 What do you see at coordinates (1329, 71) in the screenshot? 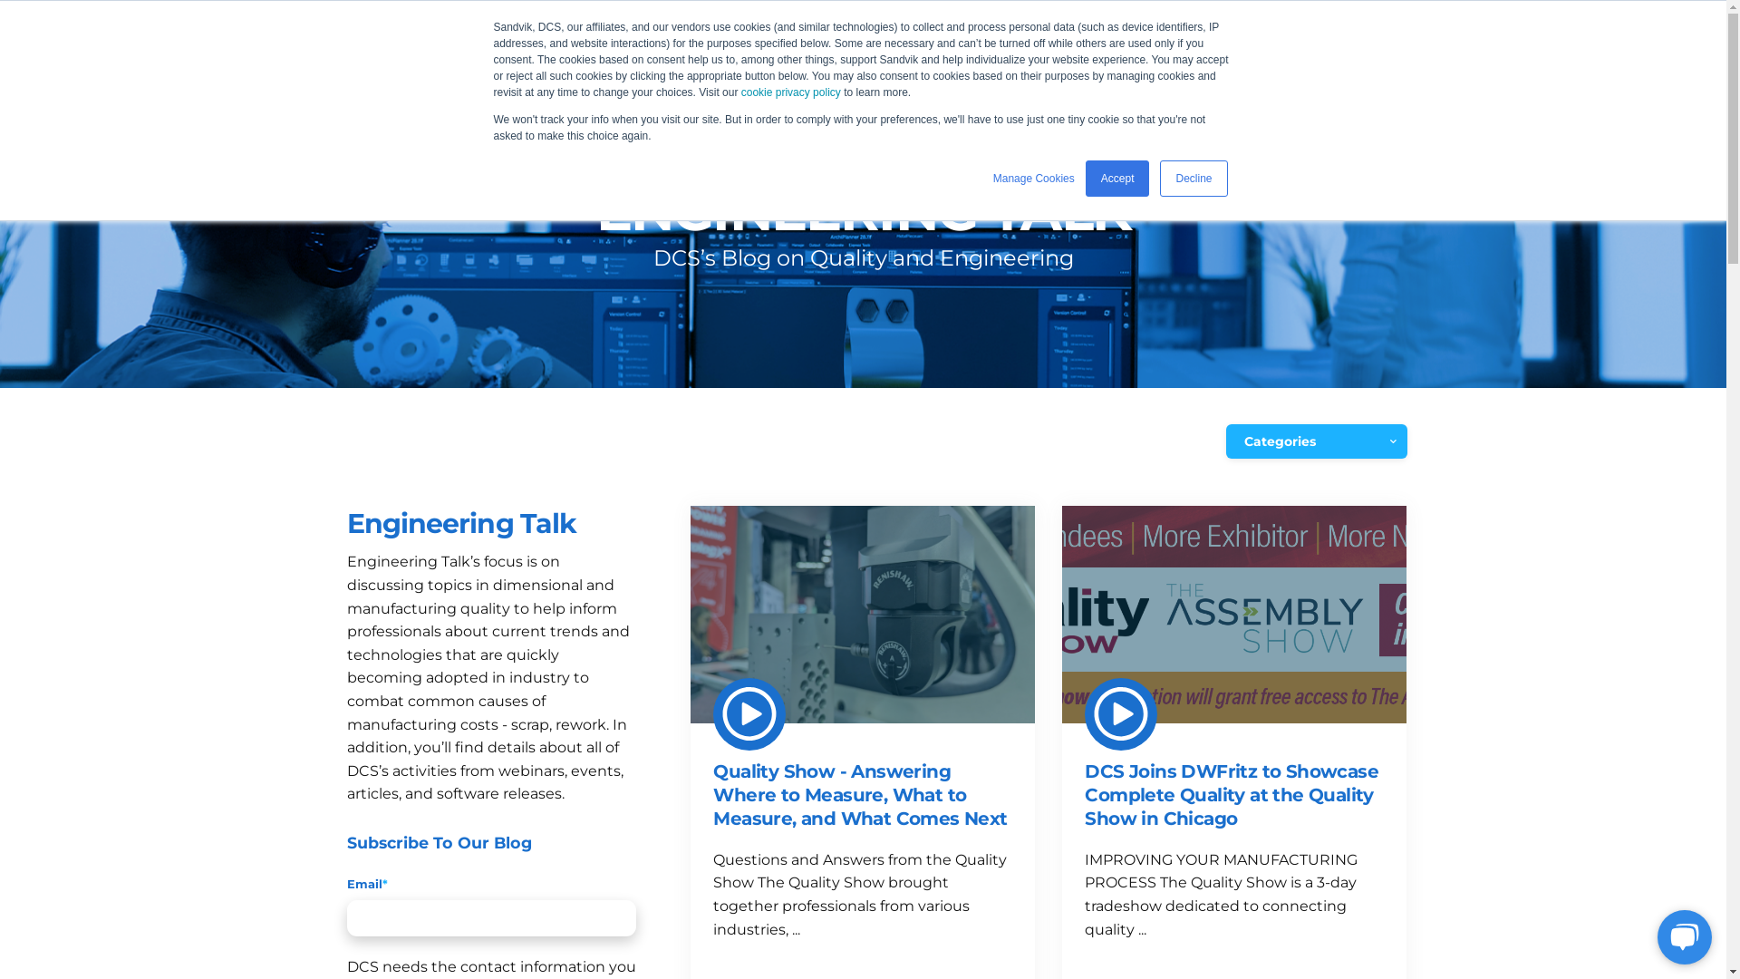
I see `'Get Started'` at bounding box center [1329, 71].